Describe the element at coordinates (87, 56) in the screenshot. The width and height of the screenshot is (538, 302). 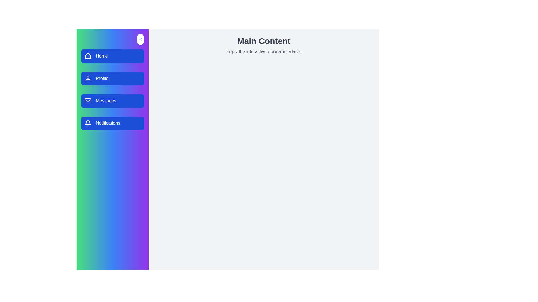
I see `the 'Home' button, which contains the triangular roof icon of the house-shaped graphic located in the top-left sidebar` at that location.